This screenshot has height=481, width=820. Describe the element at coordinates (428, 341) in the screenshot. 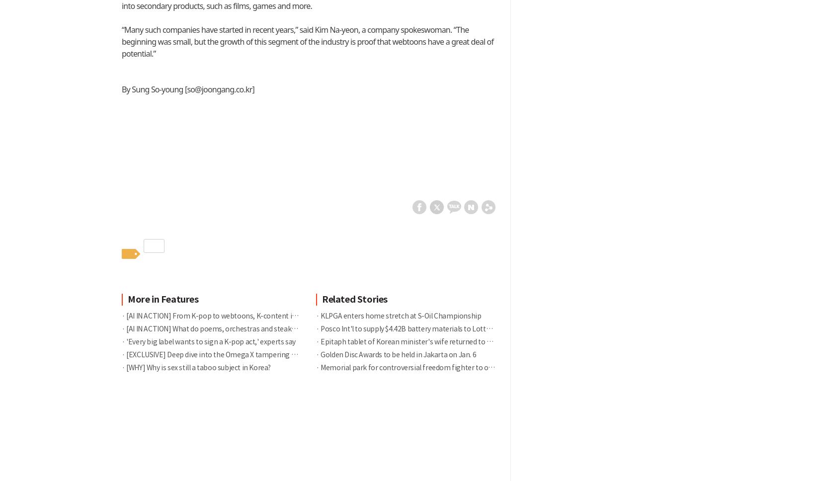

I see `'Epitaph tablet of Korean minister's wife returned to her descendants'` at that location.